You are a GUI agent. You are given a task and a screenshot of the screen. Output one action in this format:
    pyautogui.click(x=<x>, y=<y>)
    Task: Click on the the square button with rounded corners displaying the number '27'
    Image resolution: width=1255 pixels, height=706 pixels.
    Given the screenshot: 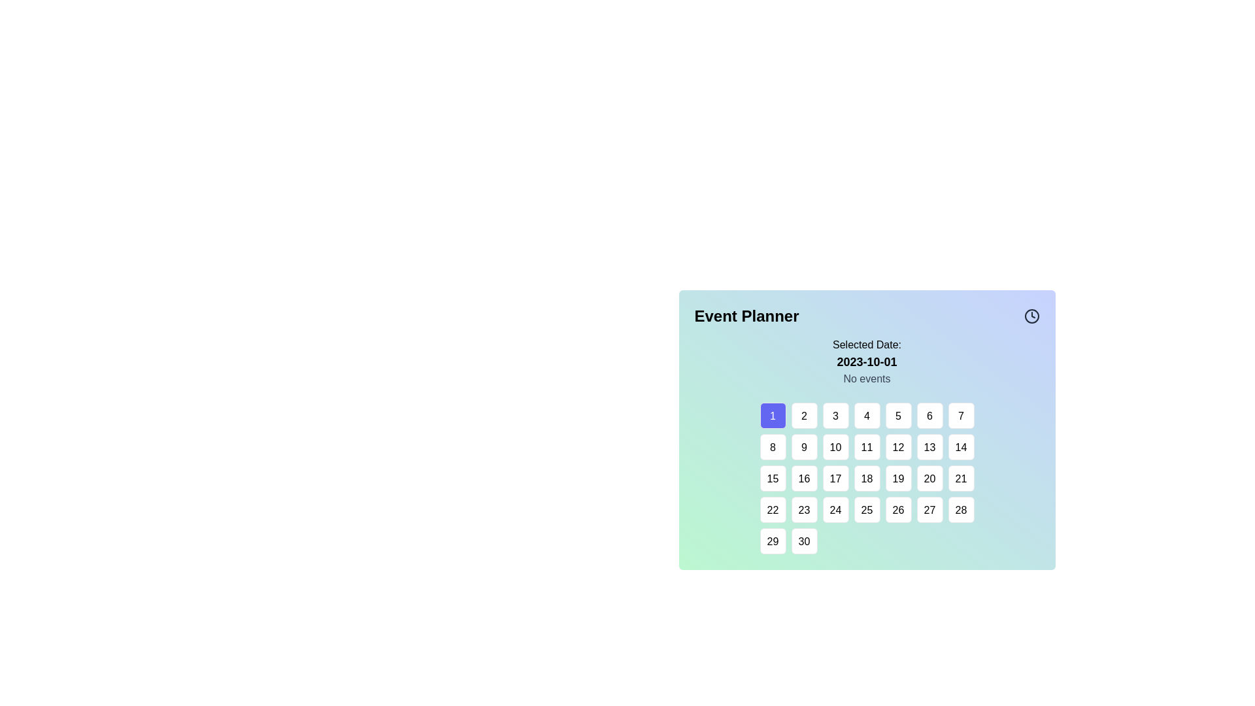 What is the action you would take?
    pyautogui.click(x=929, y=509)
    